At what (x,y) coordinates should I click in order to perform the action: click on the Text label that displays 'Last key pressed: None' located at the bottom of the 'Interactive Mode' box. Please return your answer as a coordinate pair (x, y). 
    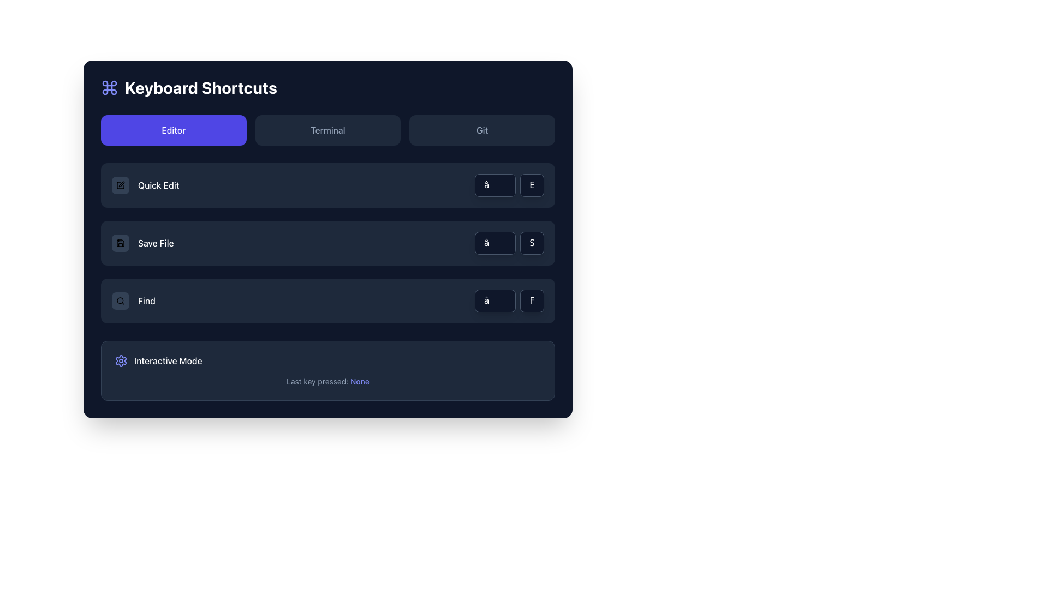
    Looking at the image, I should click on (327, 381).